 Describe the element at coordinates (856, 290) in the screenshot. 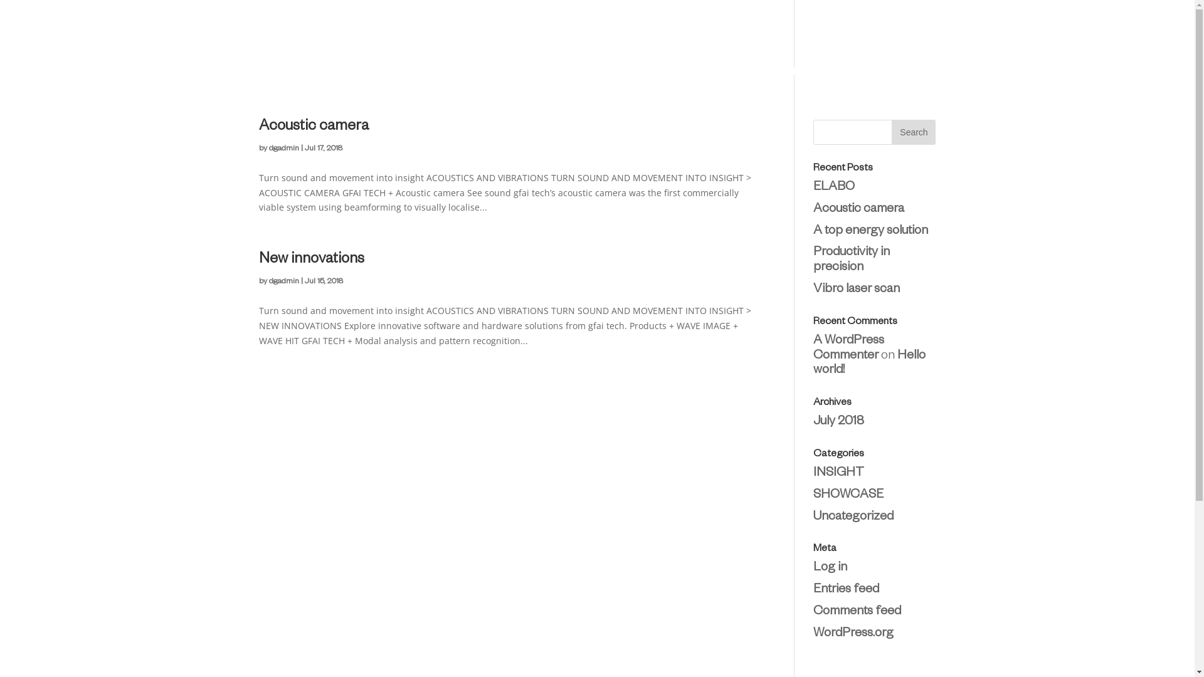

I see `'Vibro laser scan'` at that location.